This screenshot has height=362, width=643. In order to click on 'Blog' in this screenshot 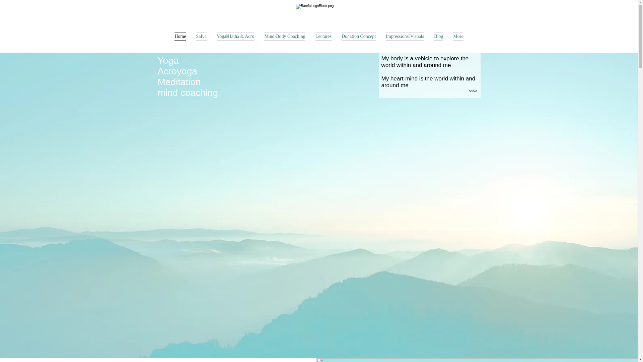, I will do `click(429, 41)`.